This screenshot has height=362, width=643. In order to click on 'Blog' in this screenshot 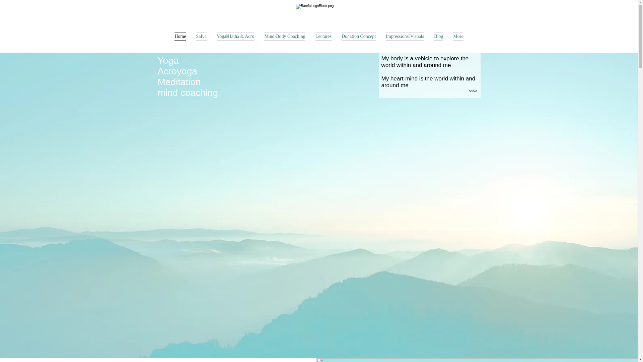, I will do `click(429, 41)`.